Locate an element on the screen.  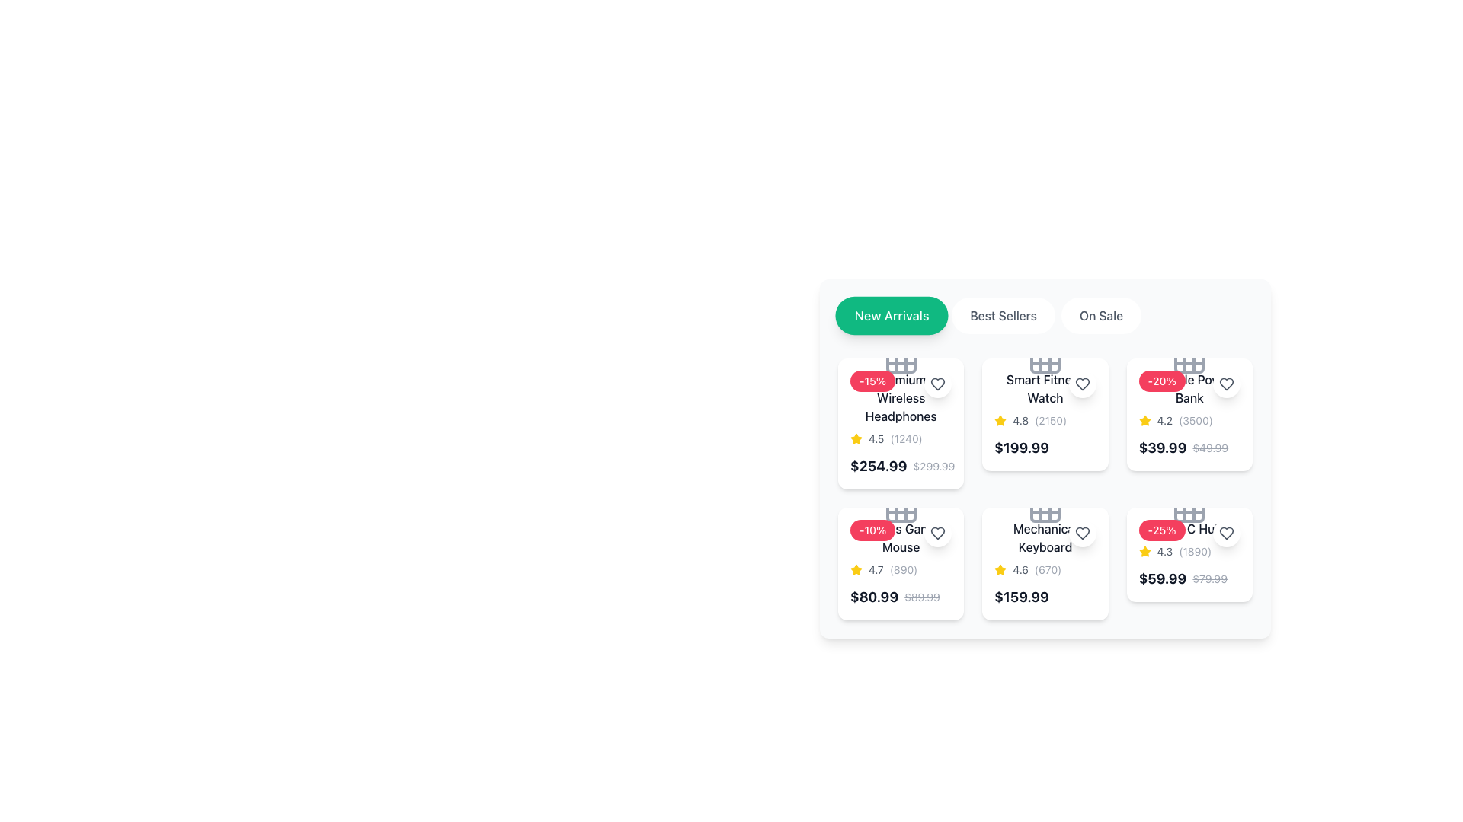
highlighted discounted price '$254.99' displayed prominently in black color within the Price display component of the 'Premium Wireless Headphones' card in the 'New Arrivals' section is located at coordinates (901, 466).